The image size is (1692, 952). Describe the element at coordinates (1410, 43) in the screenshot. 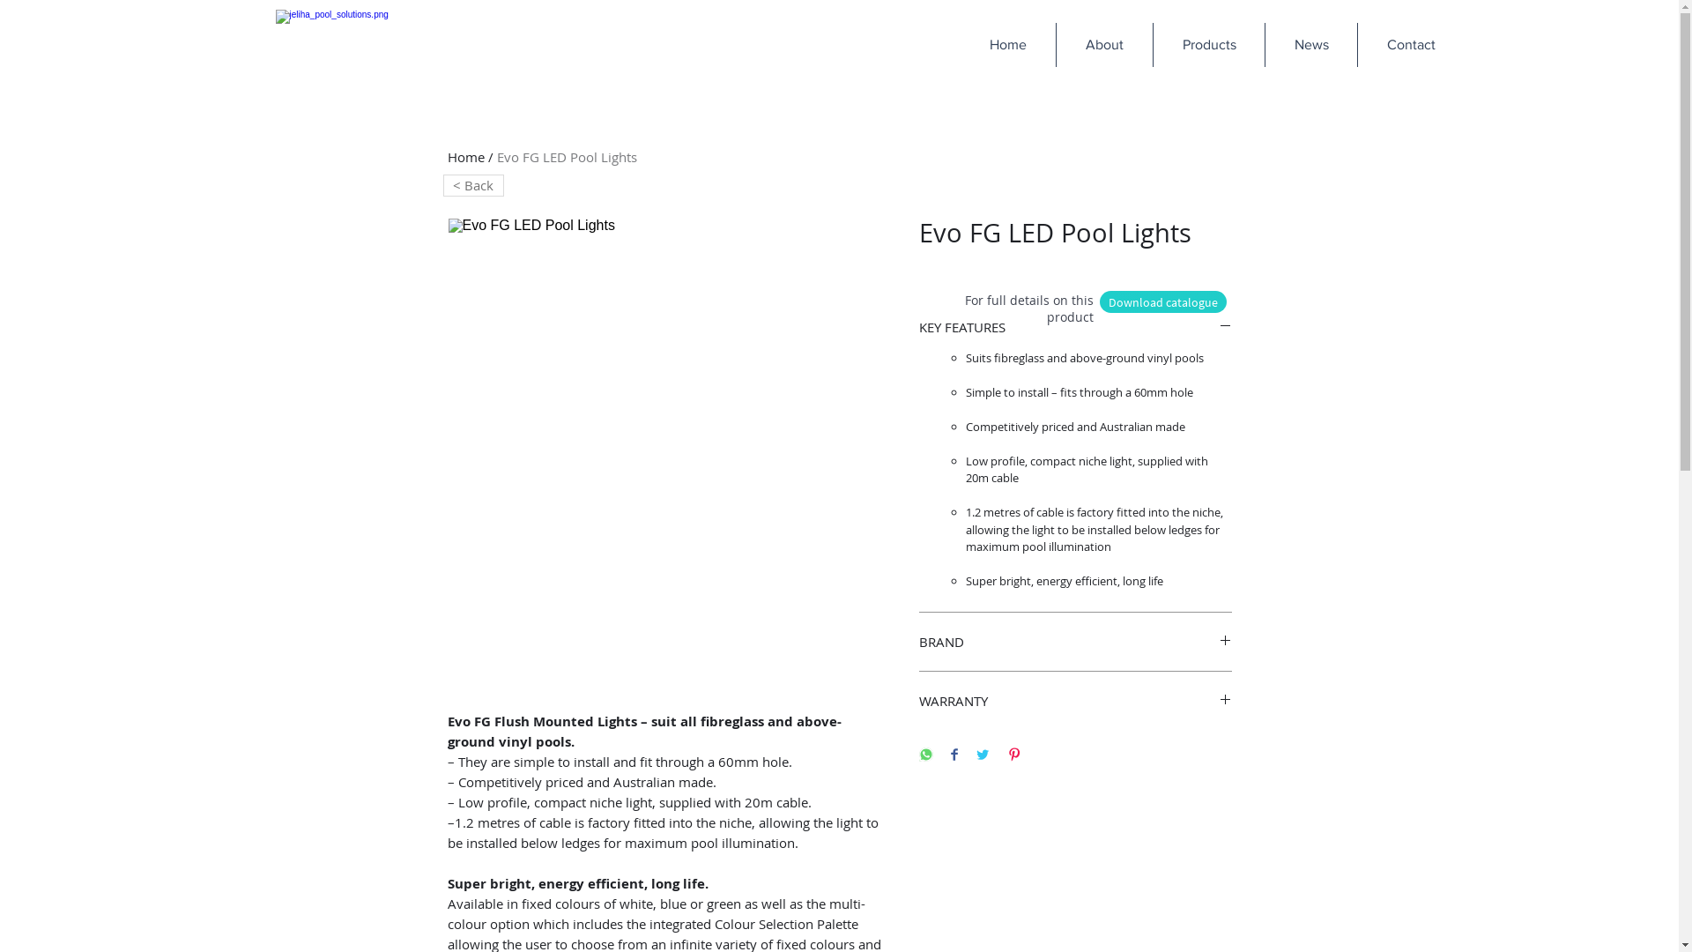

I see `'Contact'` at that location.